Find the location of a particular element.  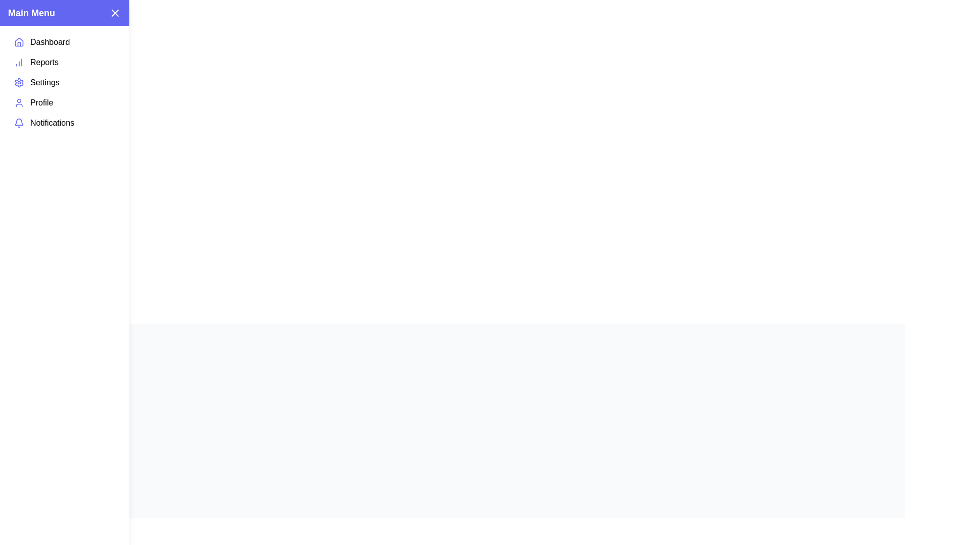

the gear-shaped icon with a blue outline representing the settings symbol, located in the sidebar menu next to the 'Settings' label is located at coordinates (19, 82).